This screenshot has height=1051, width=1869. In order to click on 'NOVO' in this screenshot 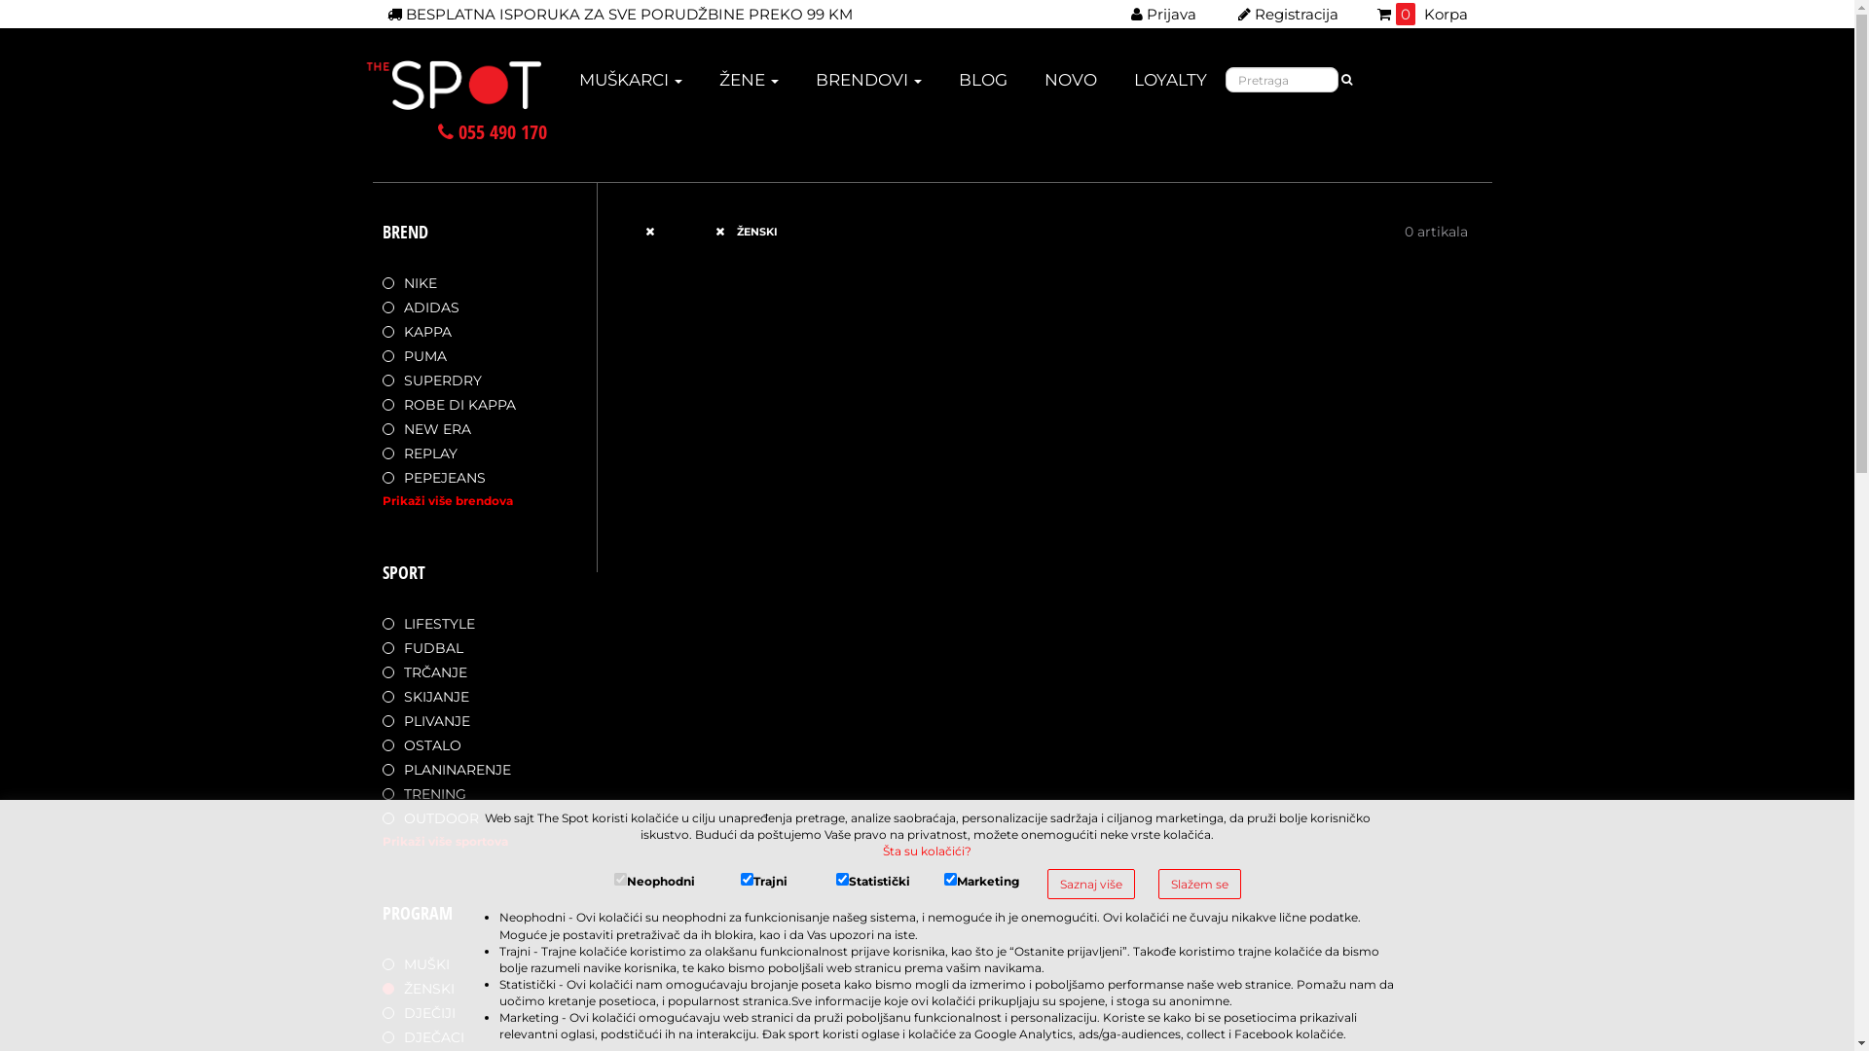, I will do `click(1069, 85)`.